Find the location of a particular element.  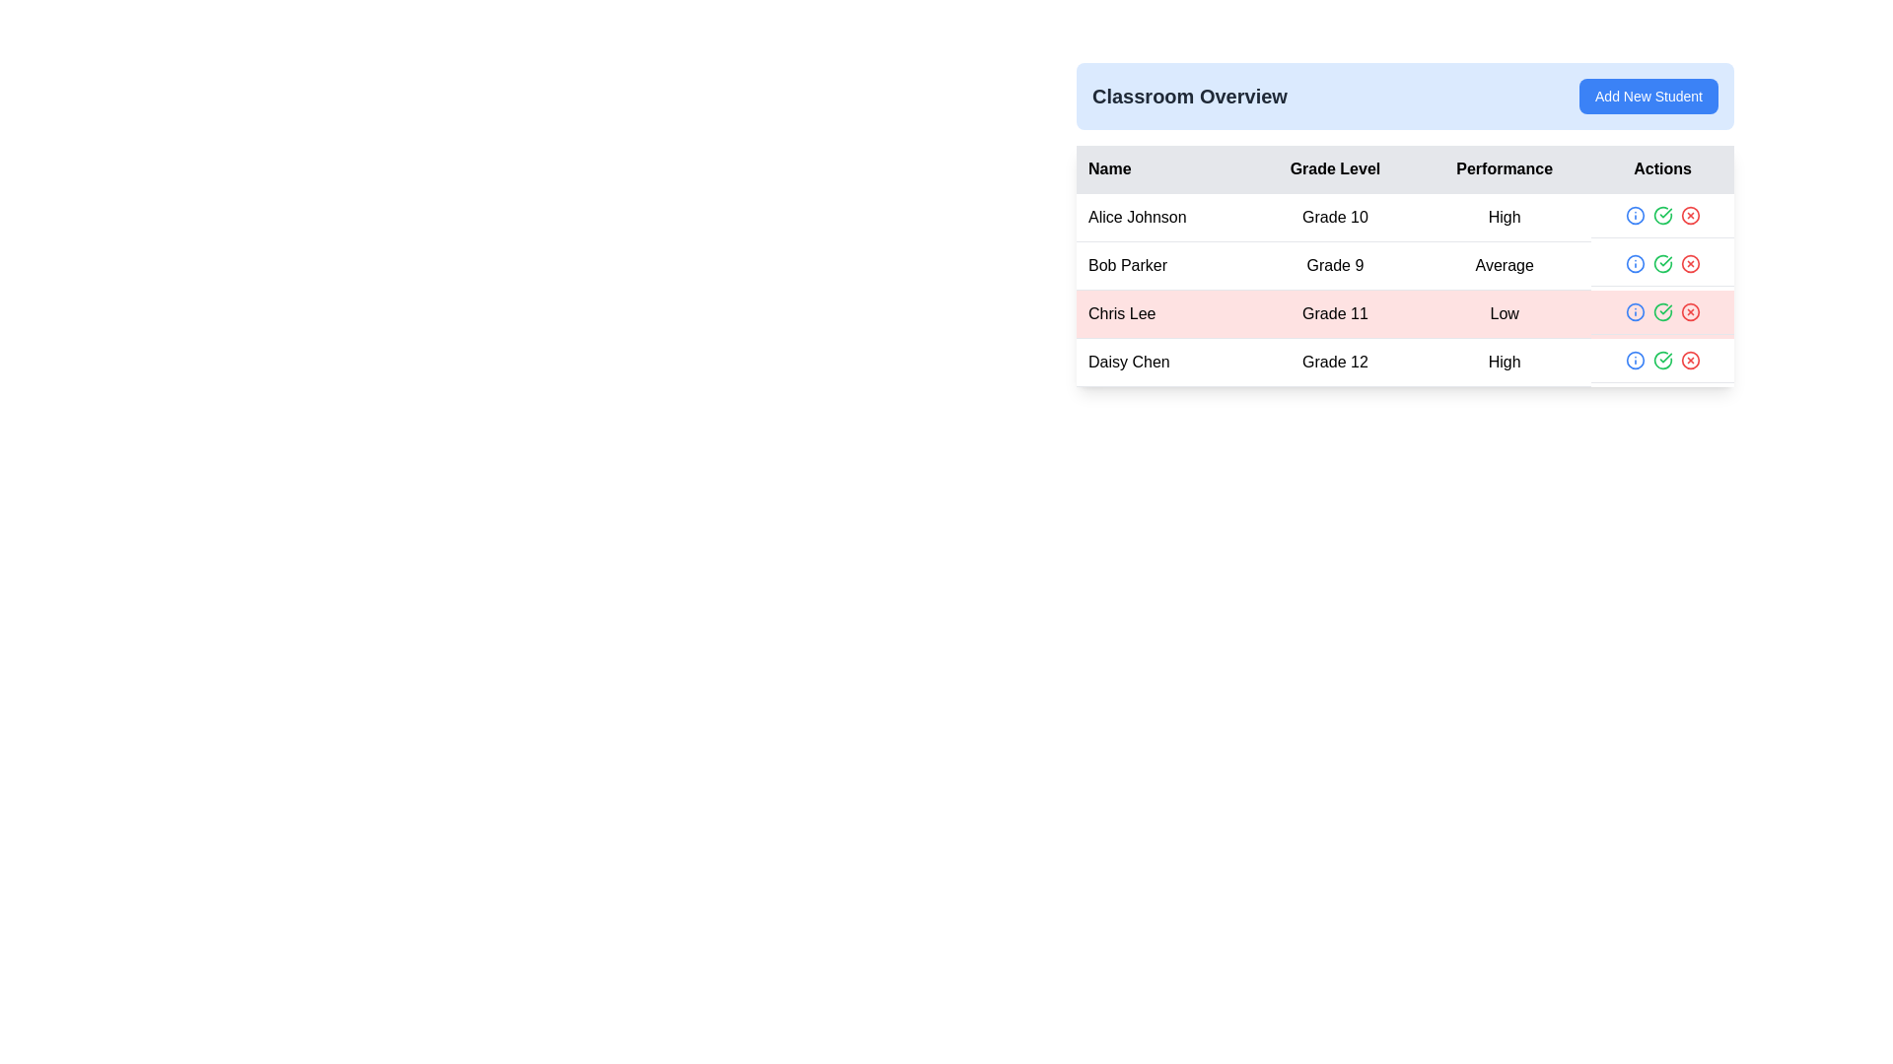

the Text element displaying 'Grade 10' for the student 'Alice Johnson' in the second column of the table is located at coordinates (1335, 217).